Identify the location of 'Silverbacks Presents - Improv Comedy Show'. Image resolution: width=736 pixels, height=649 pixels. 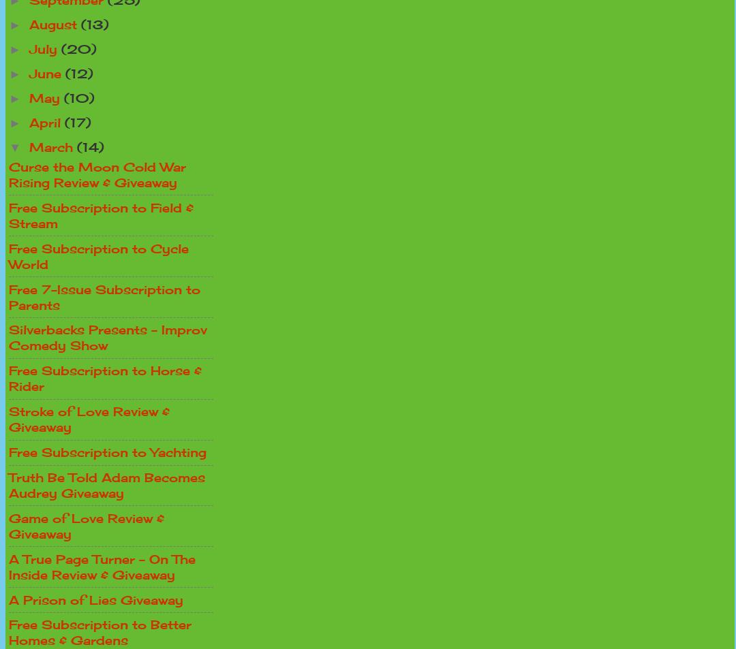
(107, 337).